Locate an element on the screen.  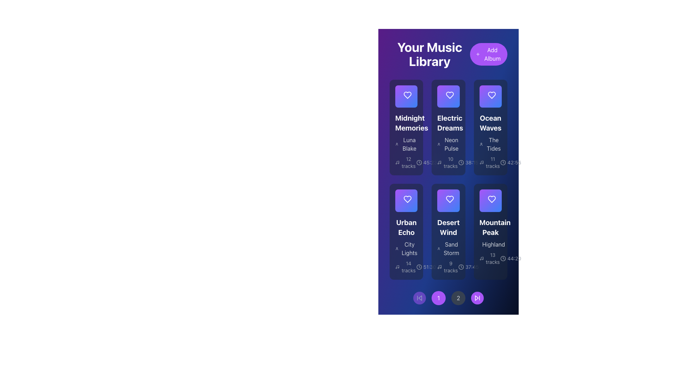
the time icon located to the left of the text '45:23' at the bottom of the 'Midnight Memories' card for information is located at coordinates (419, 163).